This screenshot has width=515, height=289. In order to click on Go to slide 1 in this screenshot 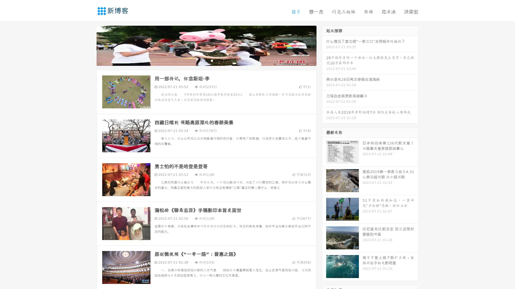, I will do `click(201, 60)`.